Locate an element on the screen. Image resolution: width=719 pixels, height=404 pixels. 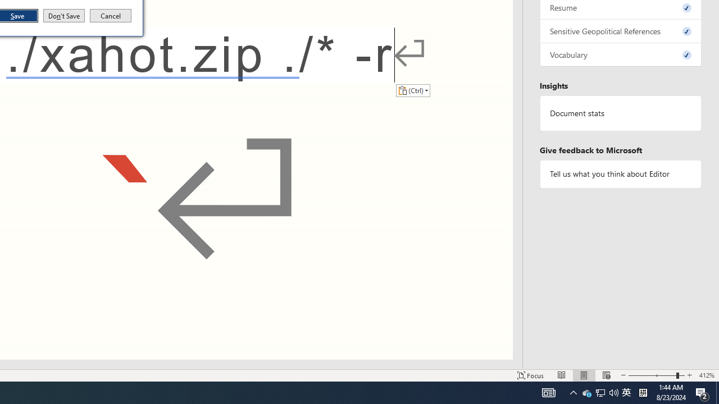
'Don' is located at coordinates (63, 16).